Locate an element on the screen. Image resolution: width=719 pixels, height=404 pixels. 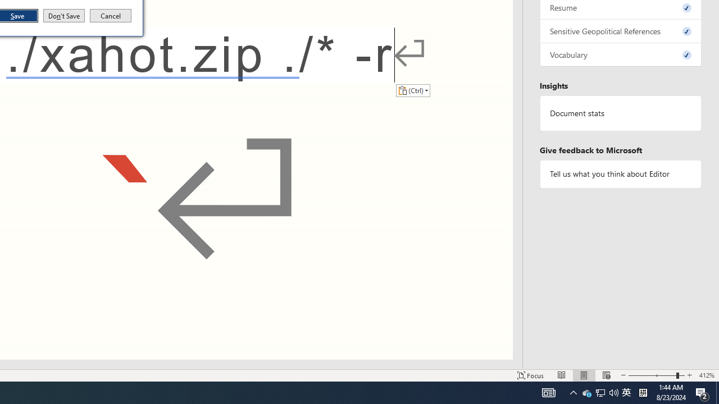
'Don' is located at coordinates (63, 16).